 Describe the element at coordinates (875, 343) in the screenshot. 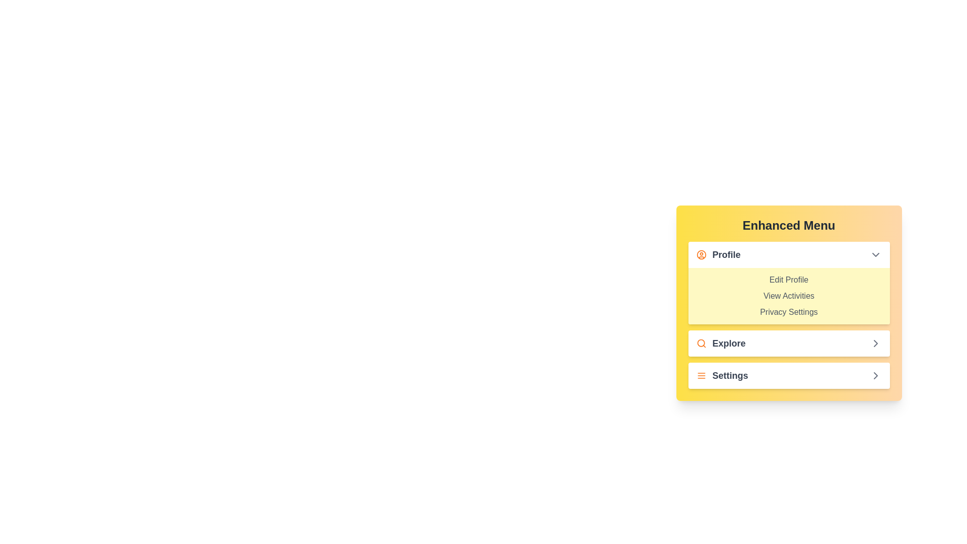

I see `the right-pointing chevron icon located at the bottom of the 'Enhanced Menu' in the 'Settings' section` at that location.